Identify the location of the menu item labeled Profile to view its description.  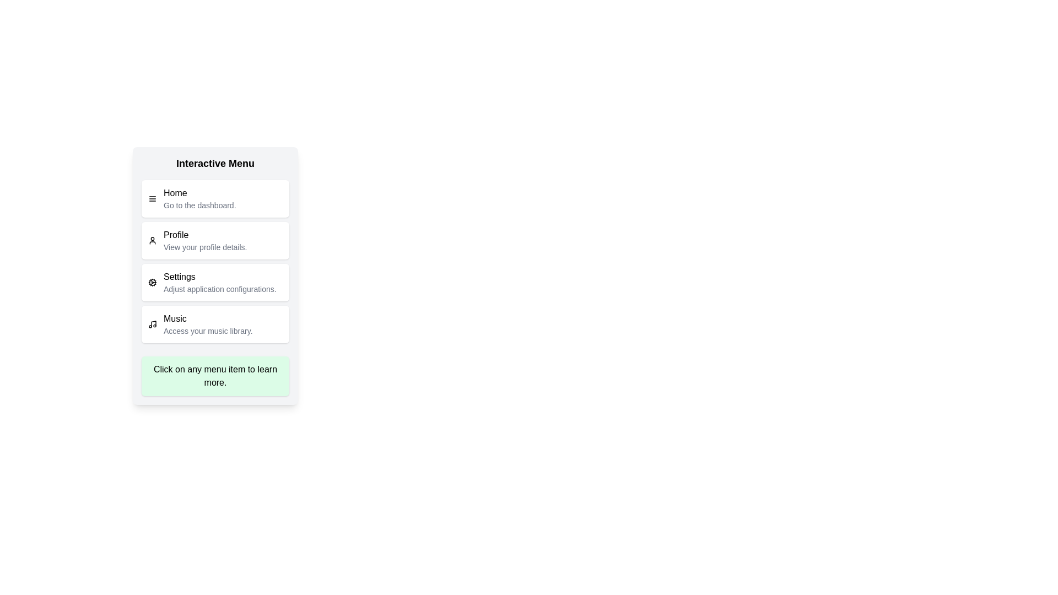
(215, 240).